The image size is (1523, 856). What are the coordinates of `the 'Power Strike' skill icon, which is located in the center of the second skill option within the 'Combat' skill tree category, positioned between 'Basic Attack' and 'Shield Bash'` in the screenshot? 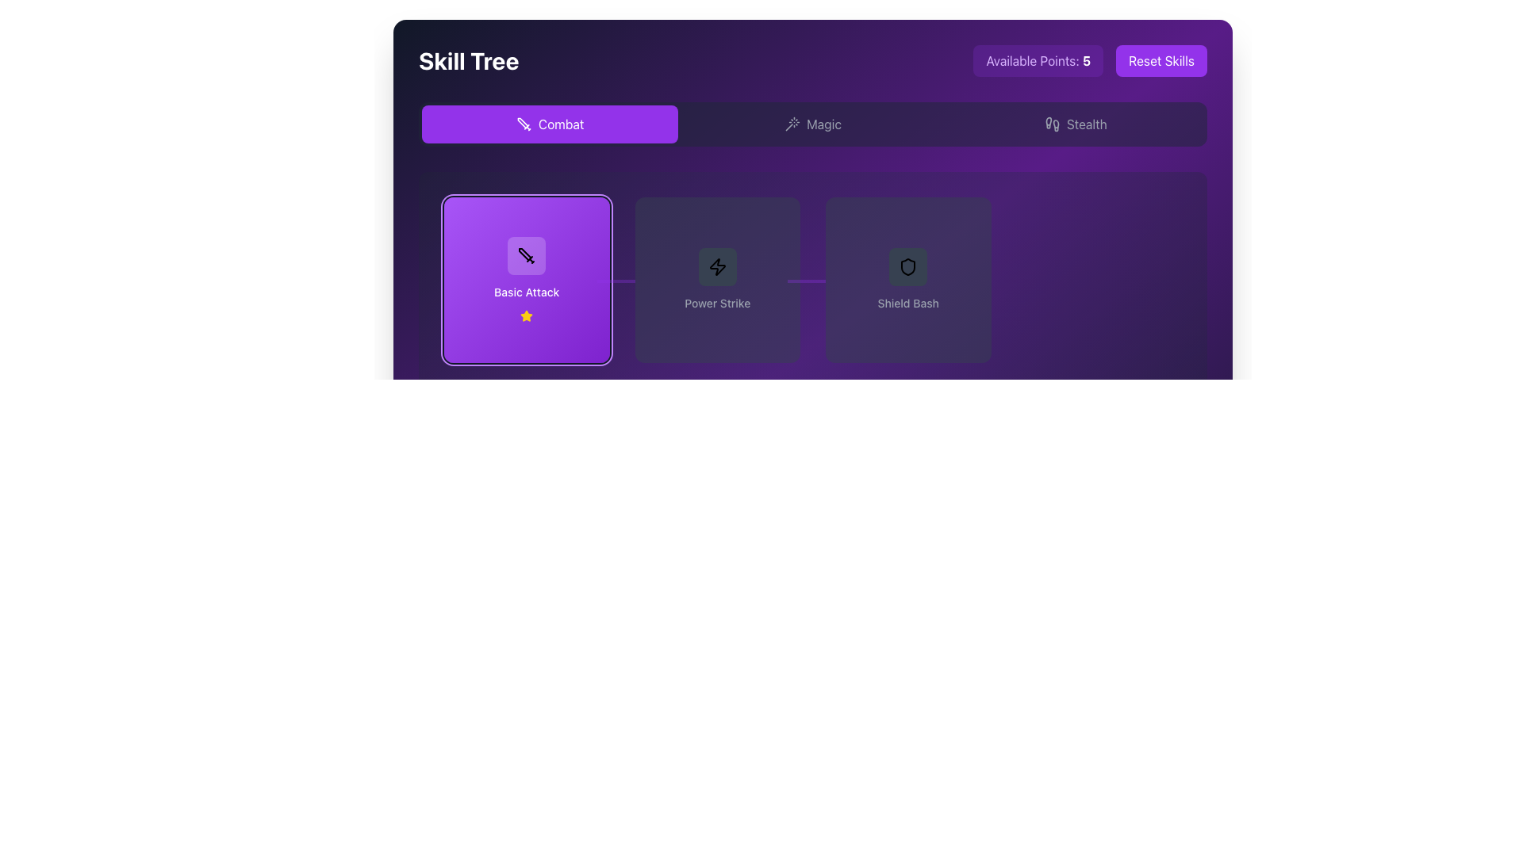 It's located at (716, 266).